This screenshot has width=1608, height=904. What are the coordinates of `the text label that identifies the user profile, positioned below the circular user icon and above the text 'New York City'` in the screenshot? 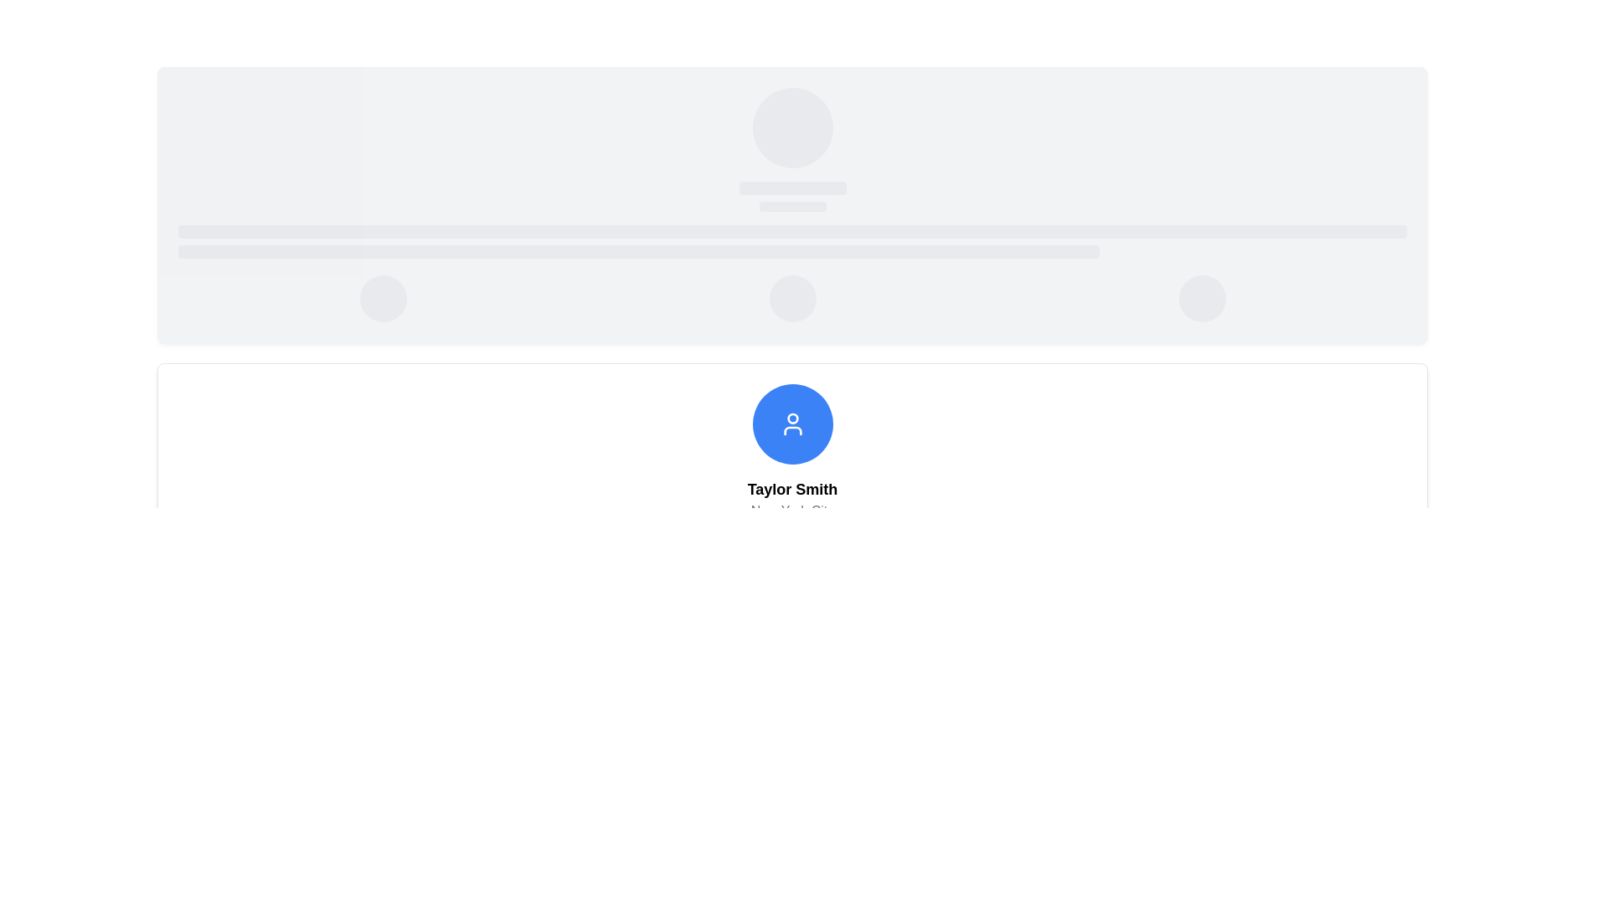 It's located at (791, 490).